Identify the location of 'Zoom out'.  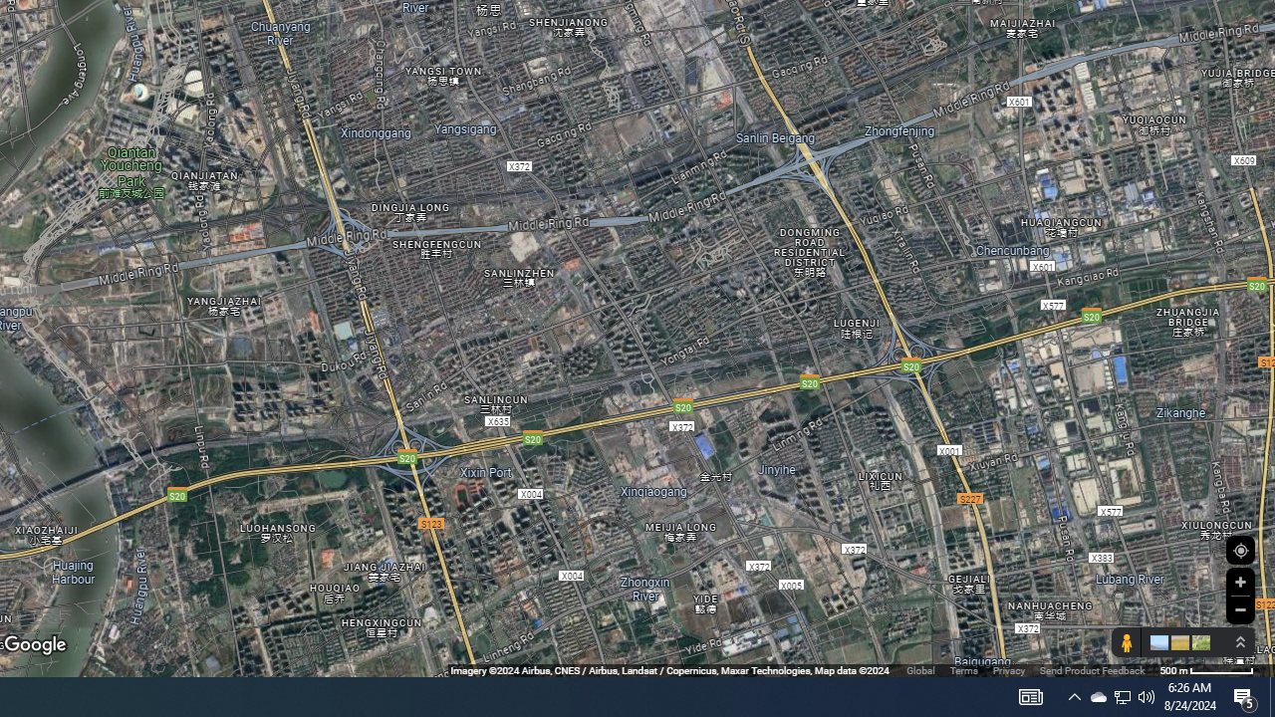
(1239, 608).